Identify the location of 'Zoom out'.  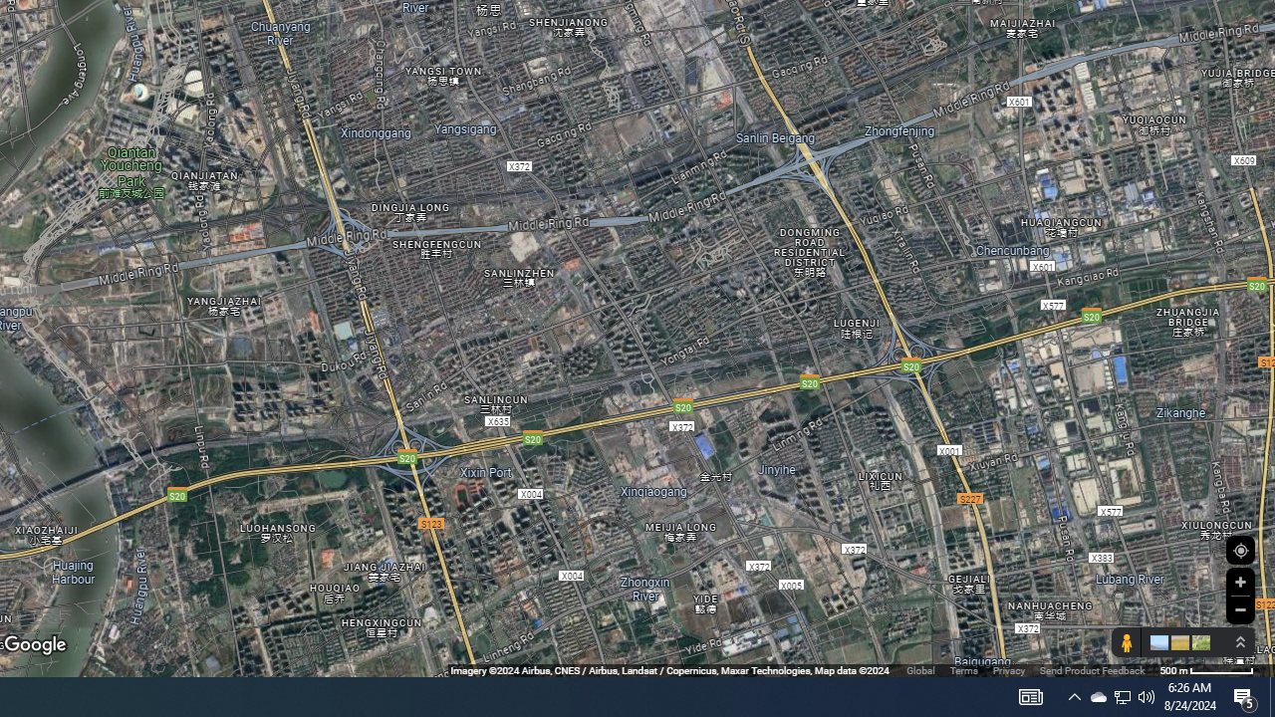
(1239, 608).